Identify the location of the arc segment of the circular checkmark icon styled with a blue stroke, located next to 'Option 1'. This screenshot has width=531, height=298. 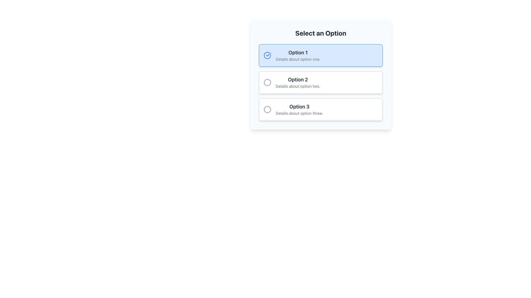
(267, 55).